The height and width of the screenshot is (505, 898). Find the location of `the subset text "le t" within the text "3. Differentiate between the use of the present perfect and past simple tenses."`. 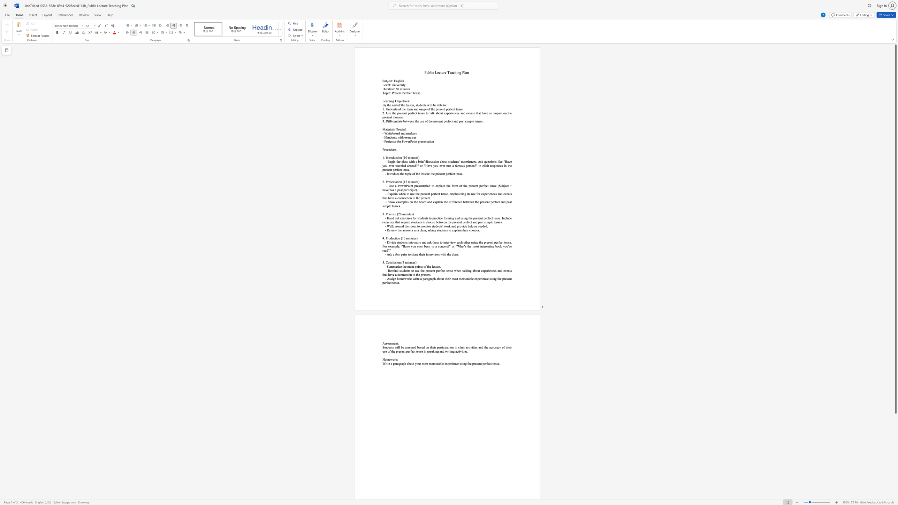

the subset text "le t" within the text "3. Differentiate between the use of the present perfect and past simple tenses." is located at coordinates (471, 121).